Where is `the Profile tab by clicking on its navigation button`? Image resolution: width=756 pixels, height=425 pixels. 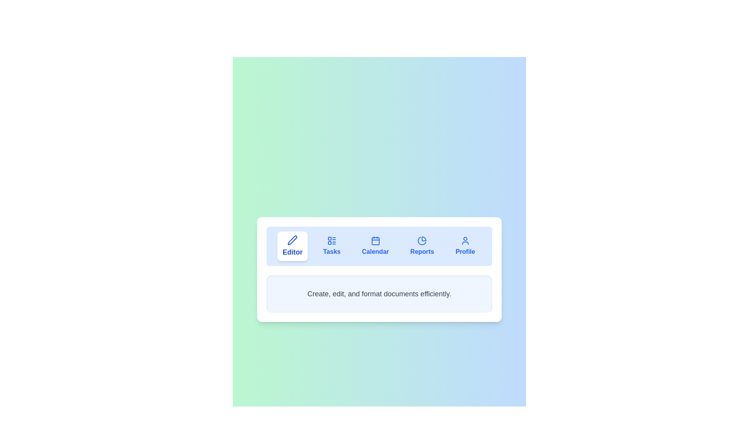
the Profile tab by clicking on its navigation button is located at coordinates (465, 246).